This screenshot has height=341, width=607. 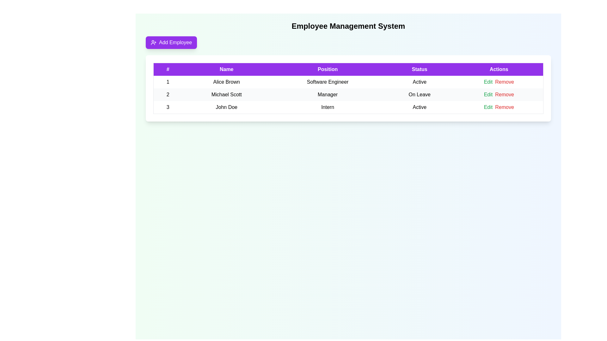 I want to click on the 'Remove' link styled as a button located in the second row of the table under the 'Actions' column, so click(x=504, y=95).